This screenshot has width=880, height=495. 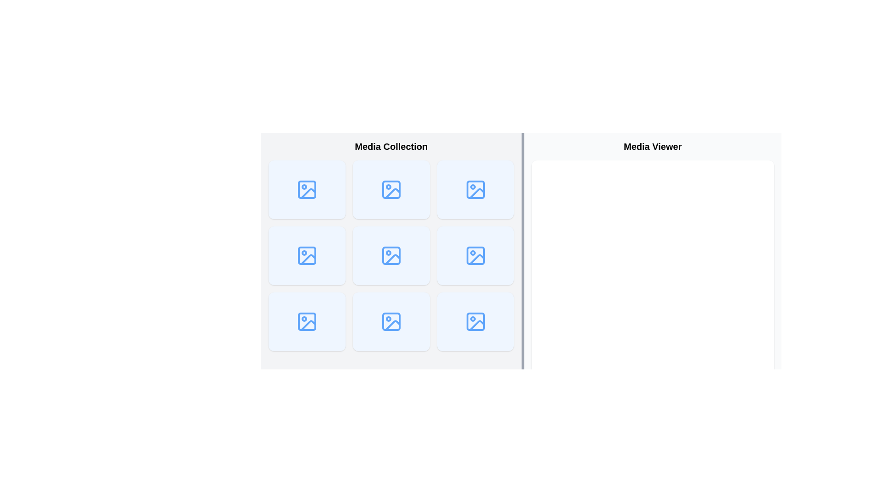 What do you see at coordinates (391, 189) in the screenshot?
I see `the interactive media or image tile located in the second column of the first row under 'Media Collection' to trigger additional visuals or effects` at bounding box center [391, 189].